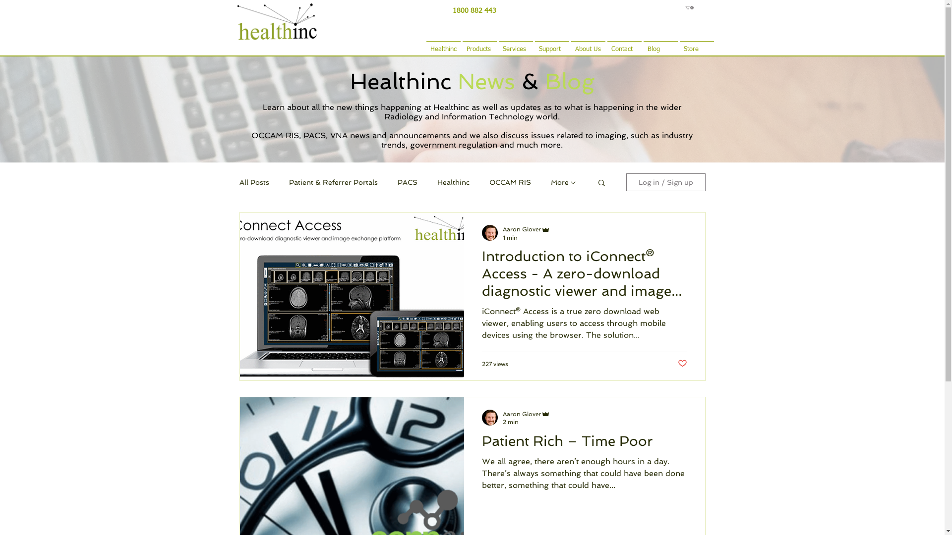 The image size is (952, 535). I want to click on 'Blog', so click(660, 45).